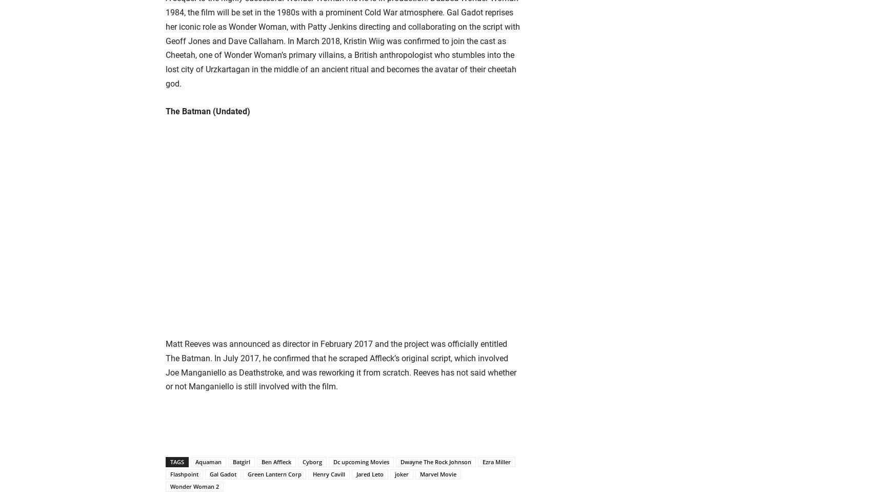  I want to click on 'Cyborg', so click(311, 462).